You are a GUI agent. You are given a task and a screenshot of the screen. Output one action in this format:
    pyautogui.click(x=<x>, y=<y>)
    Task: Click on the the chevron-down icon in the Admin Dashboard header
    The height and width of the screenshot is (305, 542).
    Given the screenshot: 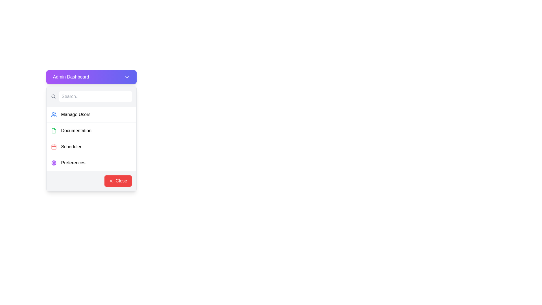 What is the action you would take?
    pyautogui.click(x=126, y=77)
    